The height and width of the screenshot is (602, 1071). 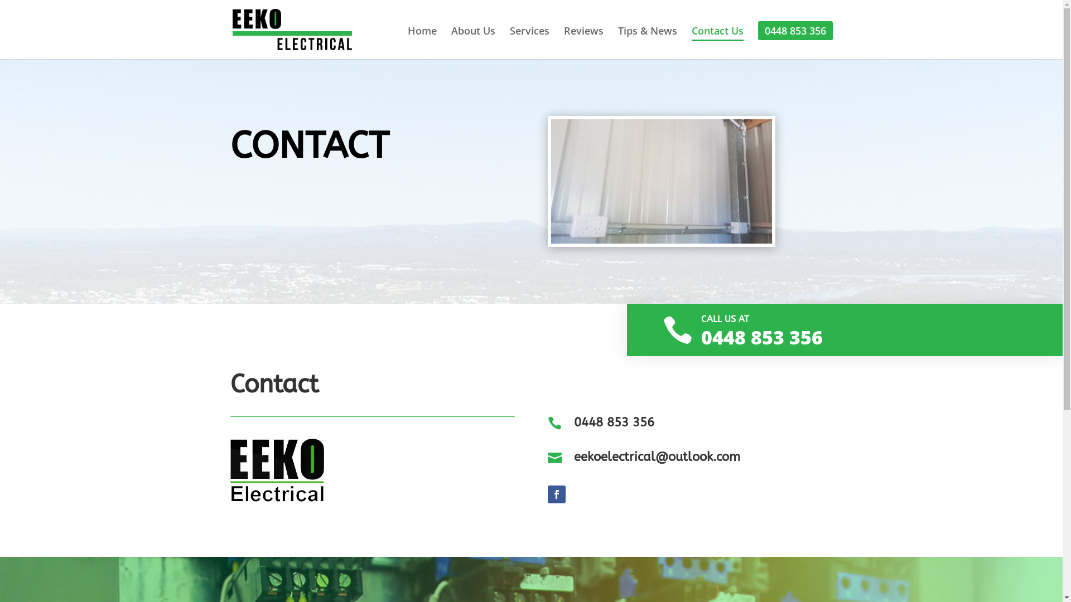 I want to click on 'Reviews', so click(x=582, y=40).